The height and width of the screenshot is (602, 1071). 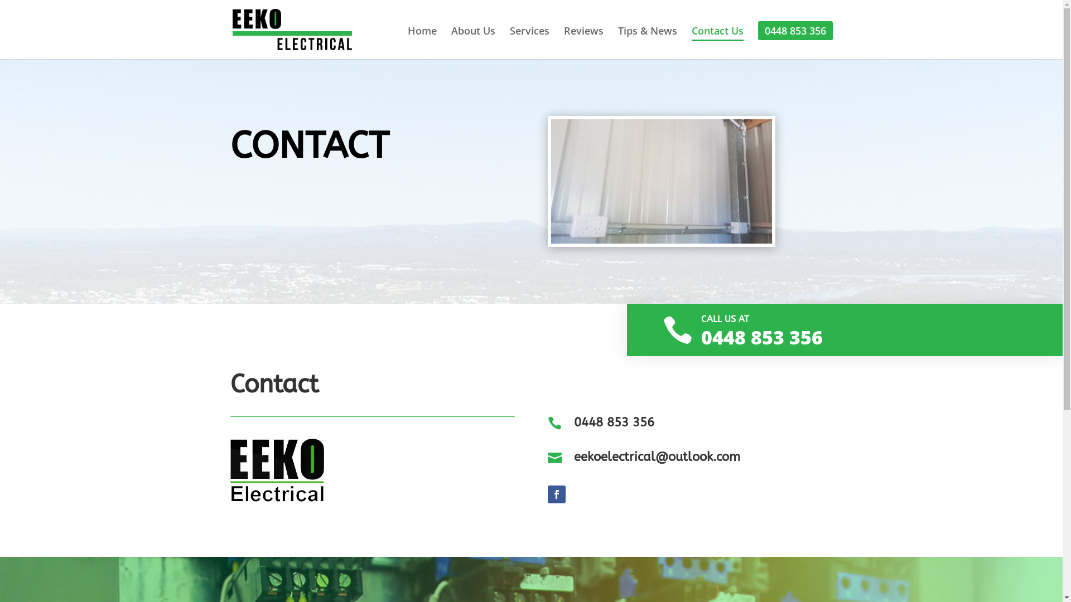 I want to click on 'Reviews', so click(x=582, y=40).